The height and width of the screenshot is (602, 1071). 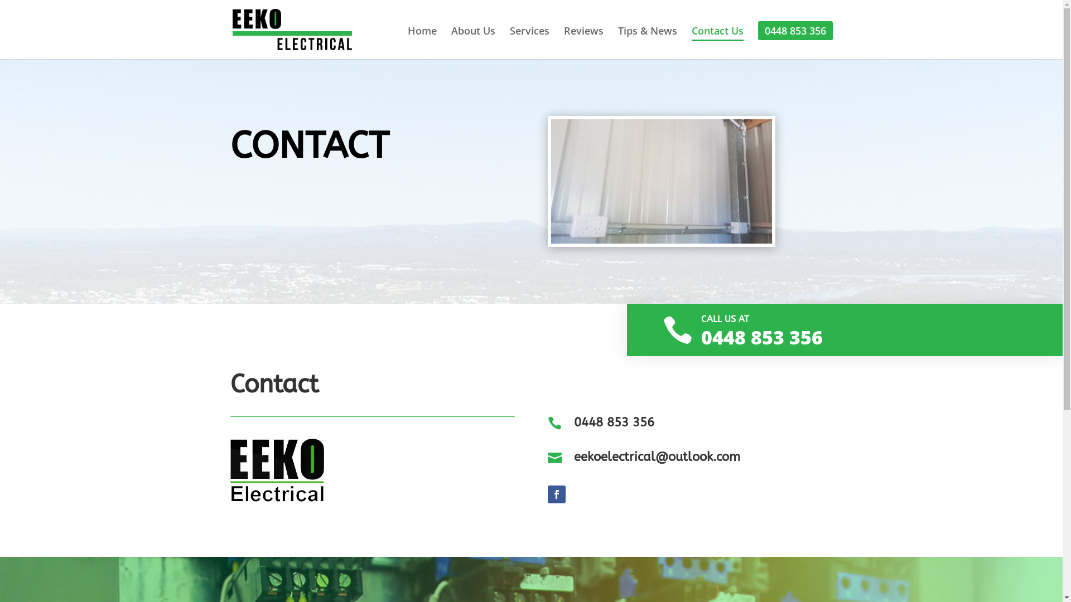 I want to click on 'Reviews', so click(x=582, y=40).